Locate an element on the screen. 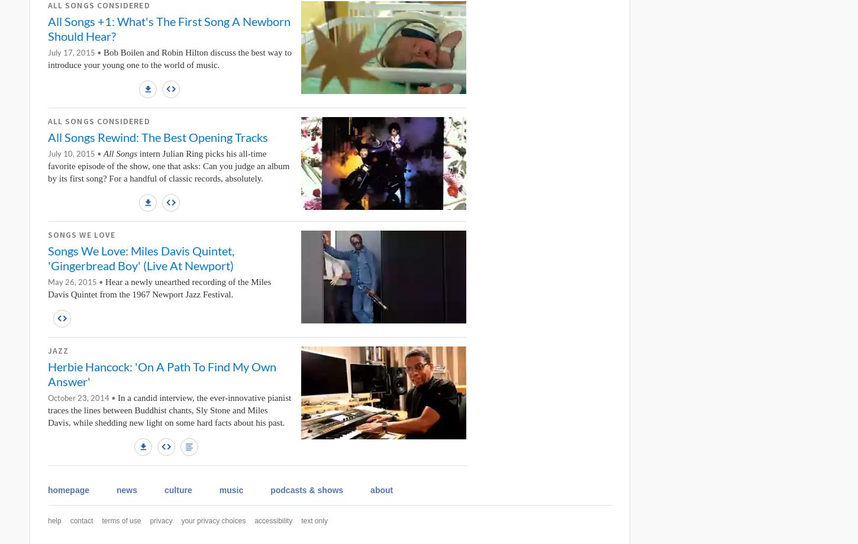  'Hear a newly unearthed recording of the Miles Davis Quintet from the 1967 Newport Jazz Festival.' is located at coordinates (159, 287).